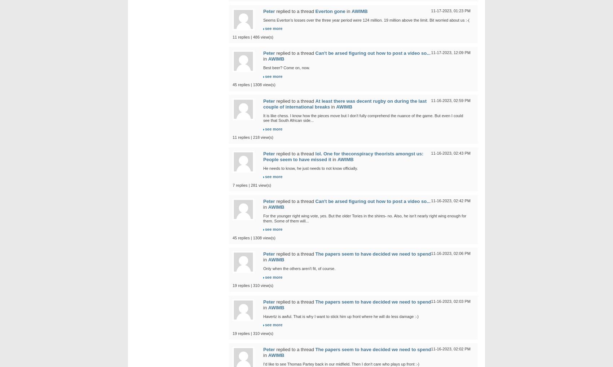 This screenshot has width=613, height=367. Describe the element at coordinates (462, 52) in the screenshot. I see `'12:09 PM'` at that location.